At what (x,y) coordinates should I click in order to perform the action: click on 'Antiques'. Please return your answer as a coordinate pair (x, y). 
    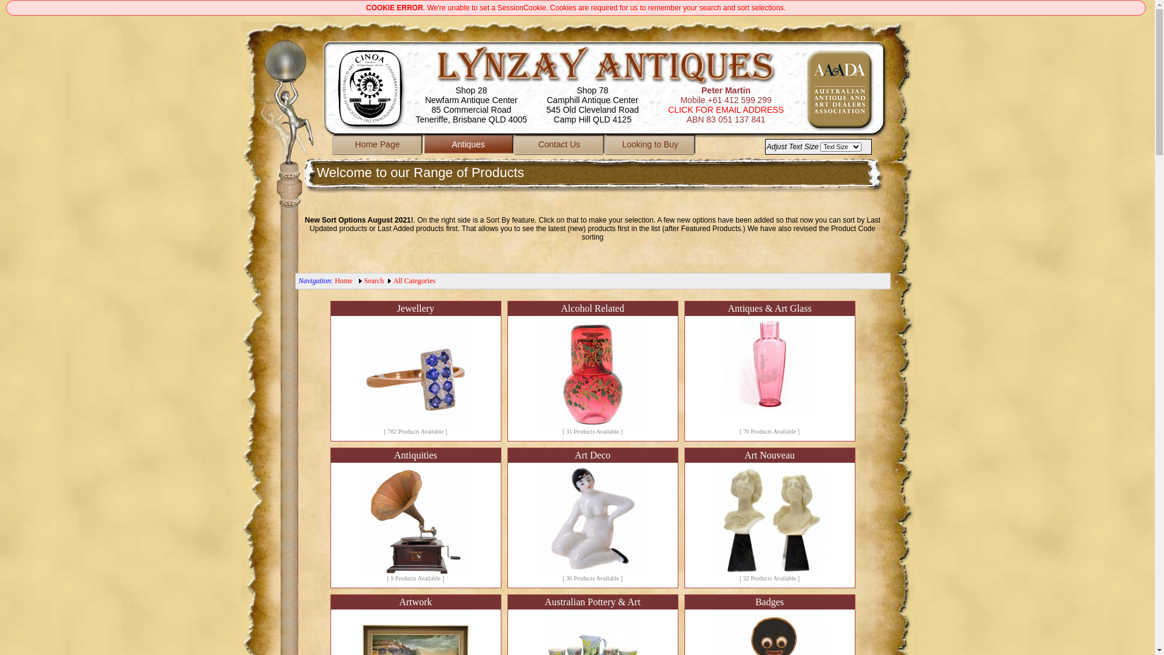
    Looking at the image, I should click on (467, 145).